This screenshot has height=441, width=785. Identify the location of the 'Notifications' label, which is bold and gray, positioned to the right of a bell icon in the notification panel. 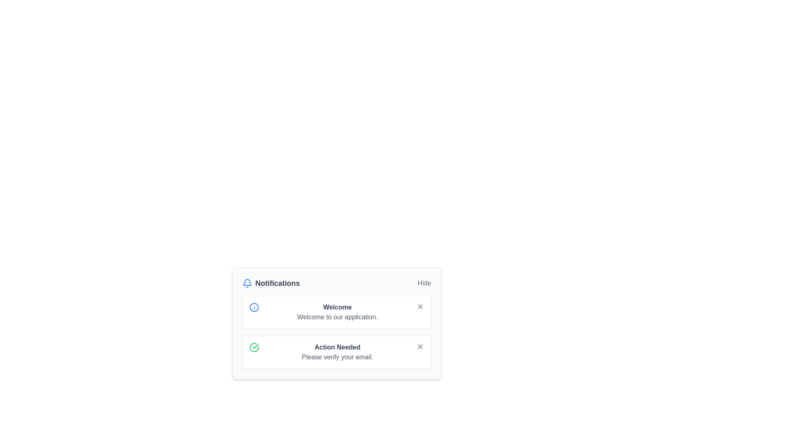
(278, 283).